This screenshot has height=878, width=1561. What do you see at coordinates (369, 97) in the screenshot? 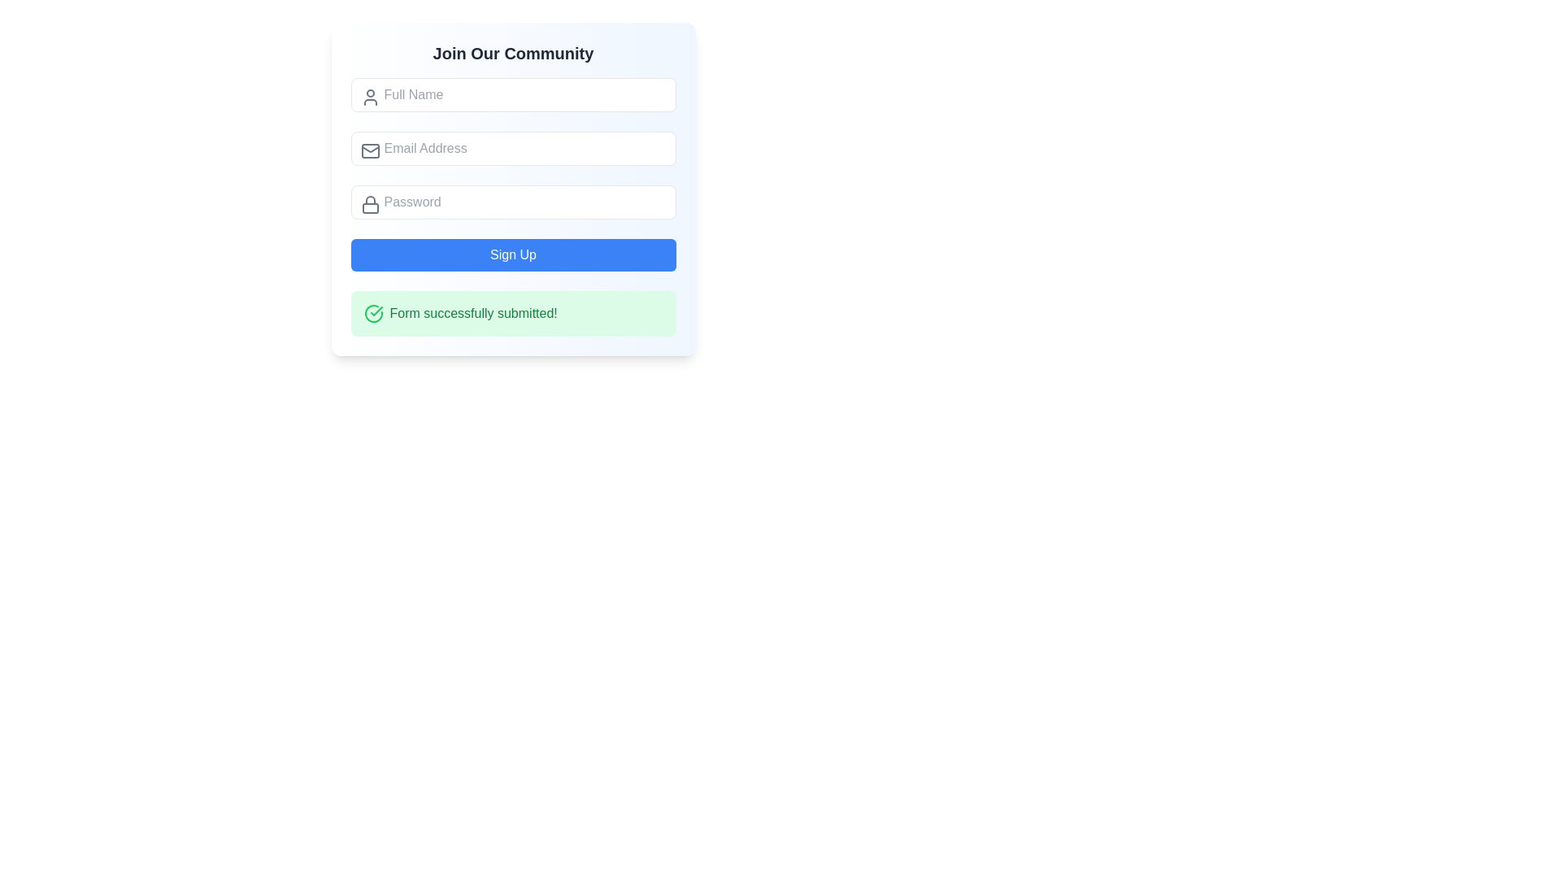
I see `the gray user icon representing a silhouette of a head and shoulders, located on the left side of the 'Full Name' text input field` at bounding box center [369, 97].